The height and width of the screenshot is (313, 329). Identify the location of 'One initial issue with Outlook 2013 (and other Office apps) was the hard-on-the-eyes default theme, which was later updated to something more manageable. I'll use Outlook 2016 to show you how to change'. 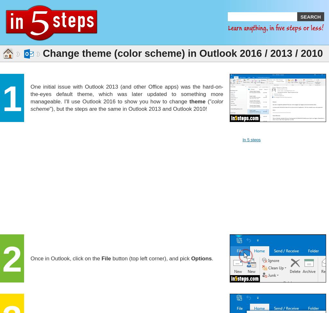
(126, 94).